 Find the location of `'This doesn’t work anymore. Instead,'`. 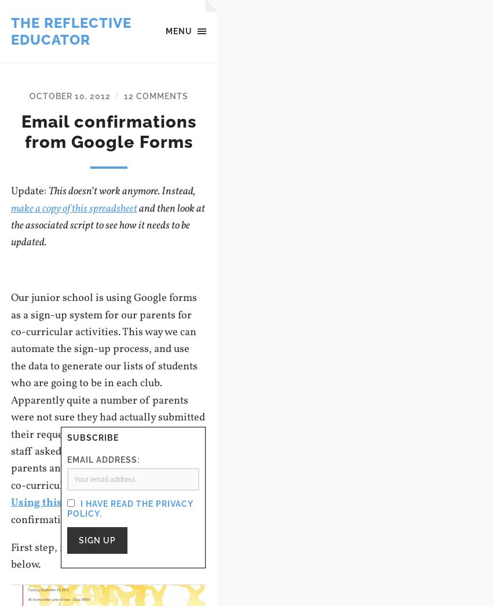

'This doesn’t work anymore. Instead,' is located at coordinates (122, 191).